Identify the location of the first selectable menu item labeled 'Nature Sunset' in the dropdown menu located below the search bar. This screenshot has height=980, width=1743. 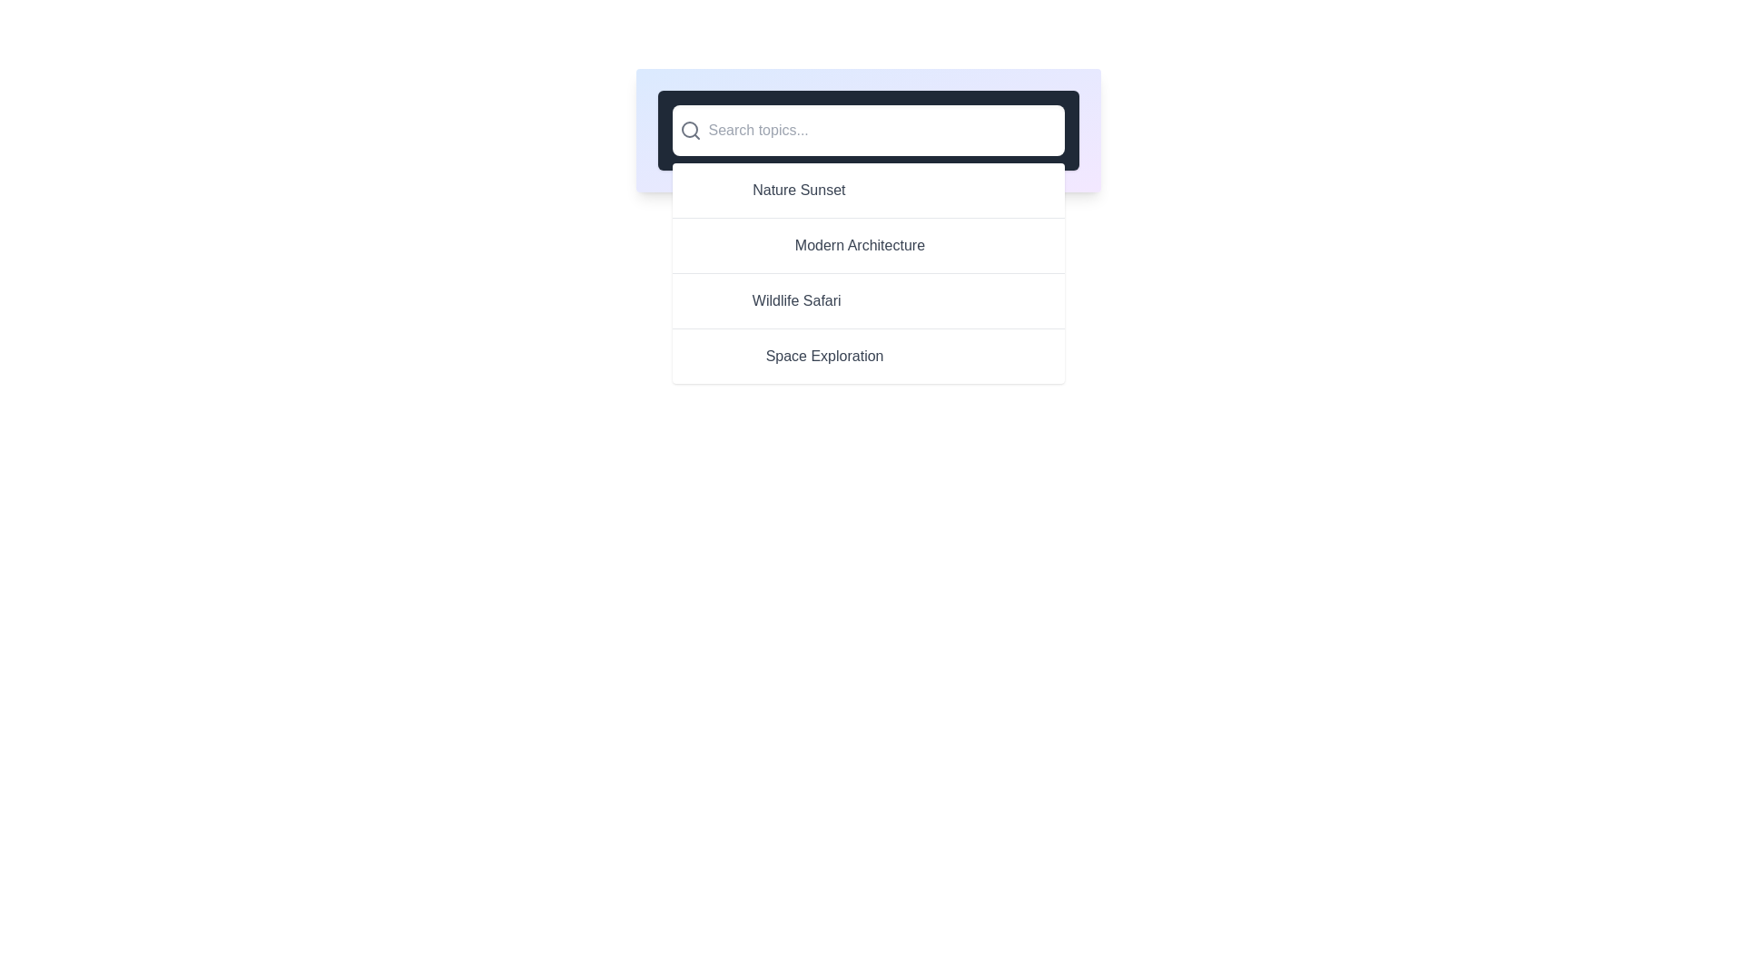
(867, 190).